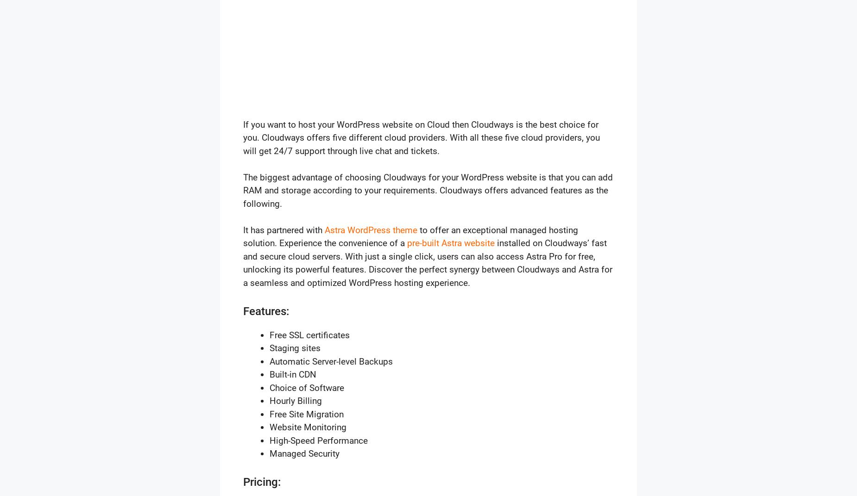 The width and height of the screenshot is (857, 496). What do you see at coordinates (304, 453) in the screenshot?
I see `'Managed Security'` at bounding box center [304, 453].